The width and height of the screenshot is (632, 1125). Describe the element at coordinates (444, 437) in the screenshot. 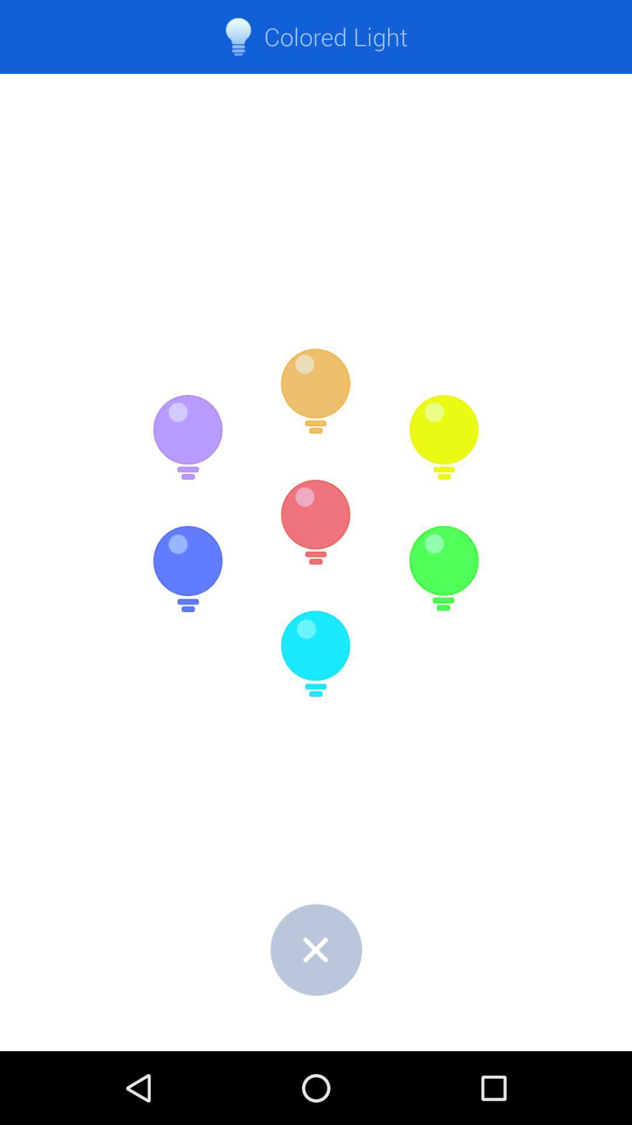

I see `yellow balloon` at that location.